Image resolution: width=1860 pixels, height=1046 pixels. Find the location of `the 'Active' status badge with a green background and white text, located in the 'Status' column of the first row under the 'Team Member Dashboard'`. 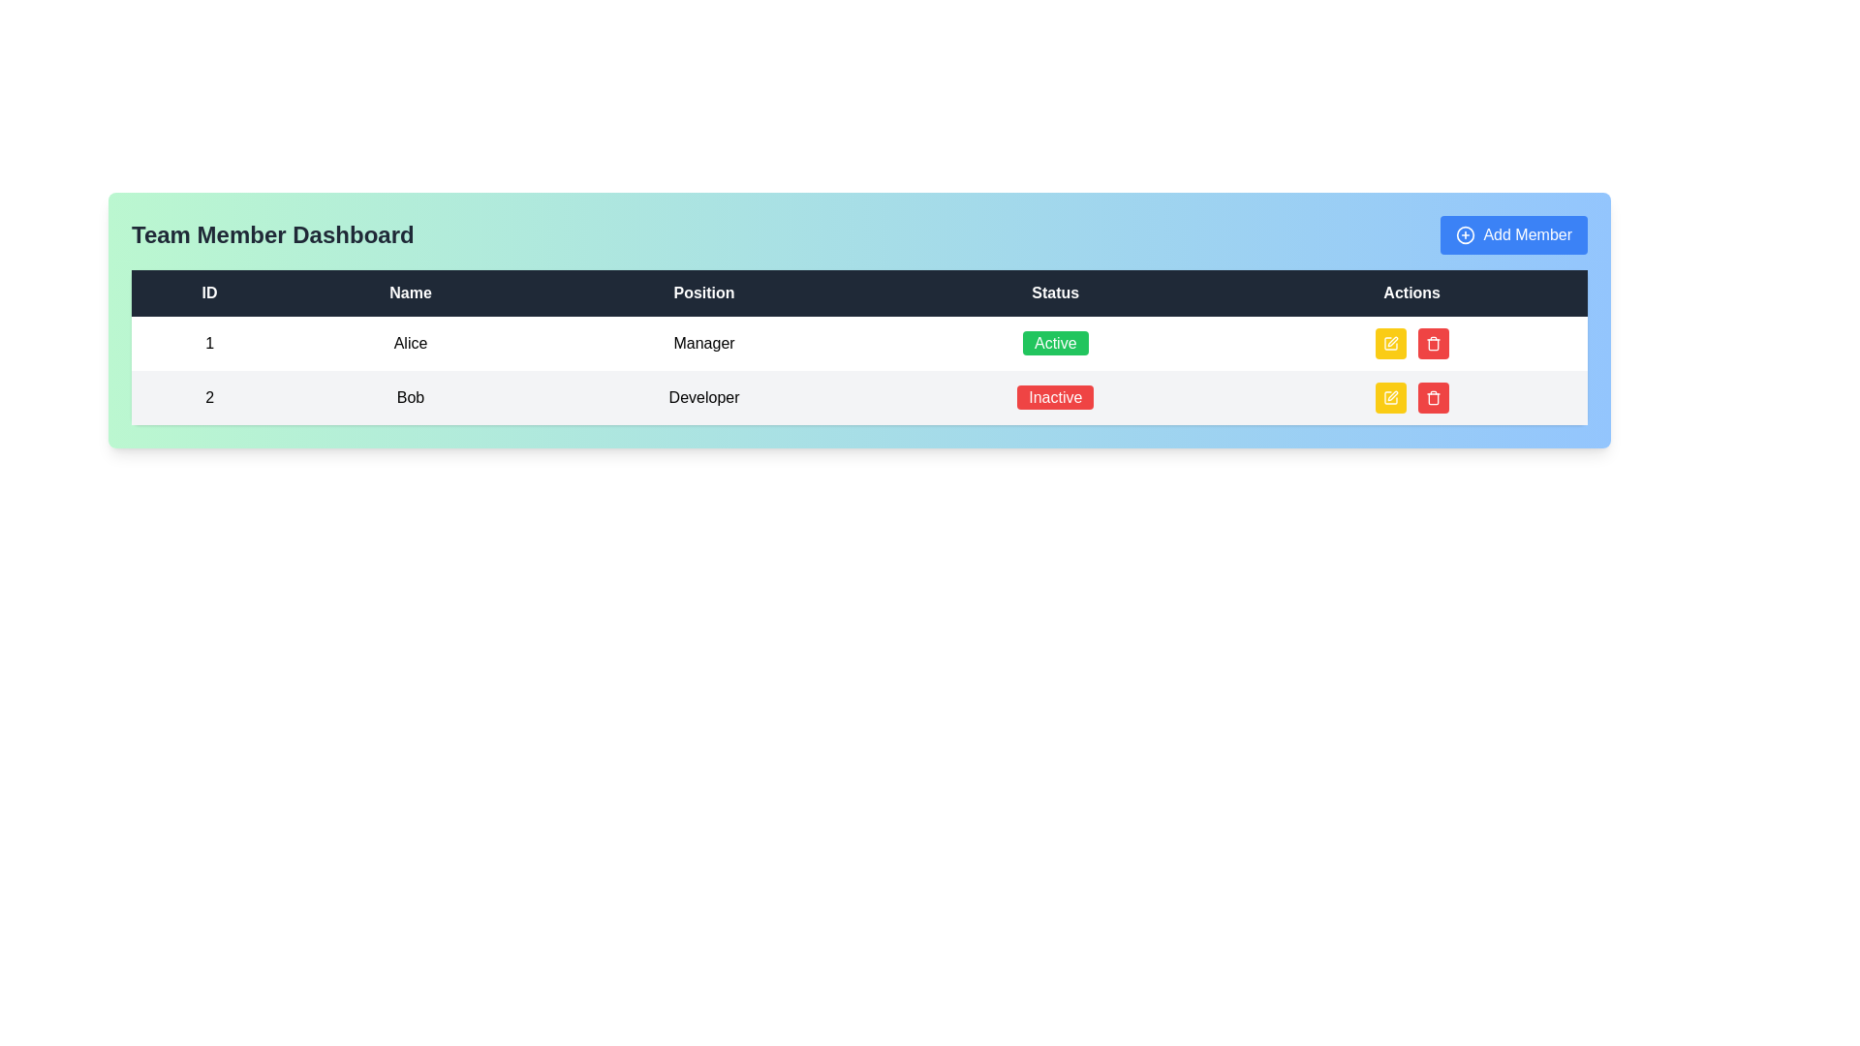

the 'Active' status badge with a green background and white text, located in the 'Status' column of the first row under the 'Team Member Dashboard' is located at coordinates (1054, 342).